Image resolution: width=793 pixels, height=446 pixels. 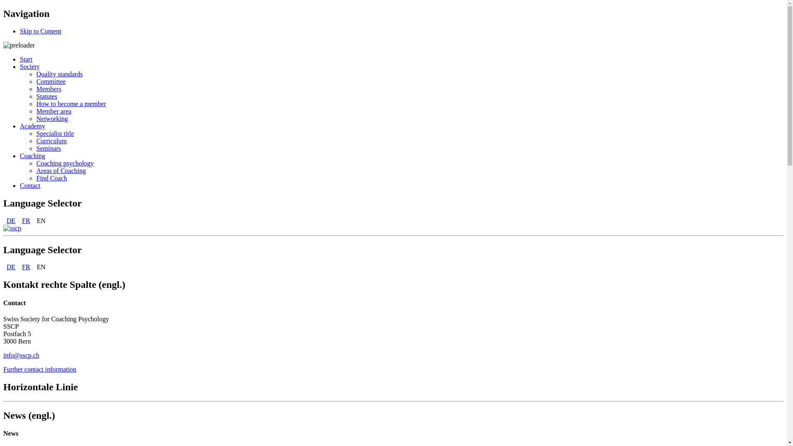 What do you see at coordinates (32, 126) in the screenshot?
I see `'Academy'` at bounding box center [32, 126].